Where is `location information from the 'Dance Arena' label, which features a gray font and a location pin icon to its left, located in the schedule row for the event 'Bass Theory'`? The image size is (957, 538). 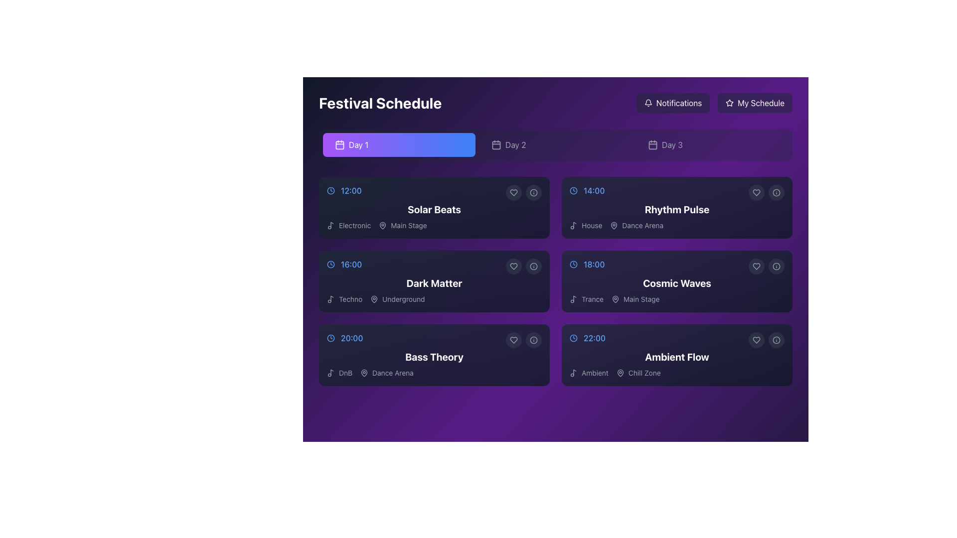
location information from the 'Dance Arena' label, which features a gray font and a location pin icon to its left, located in the schedule row for the event 'Bass Theory' is located at coordinates (386, 373).